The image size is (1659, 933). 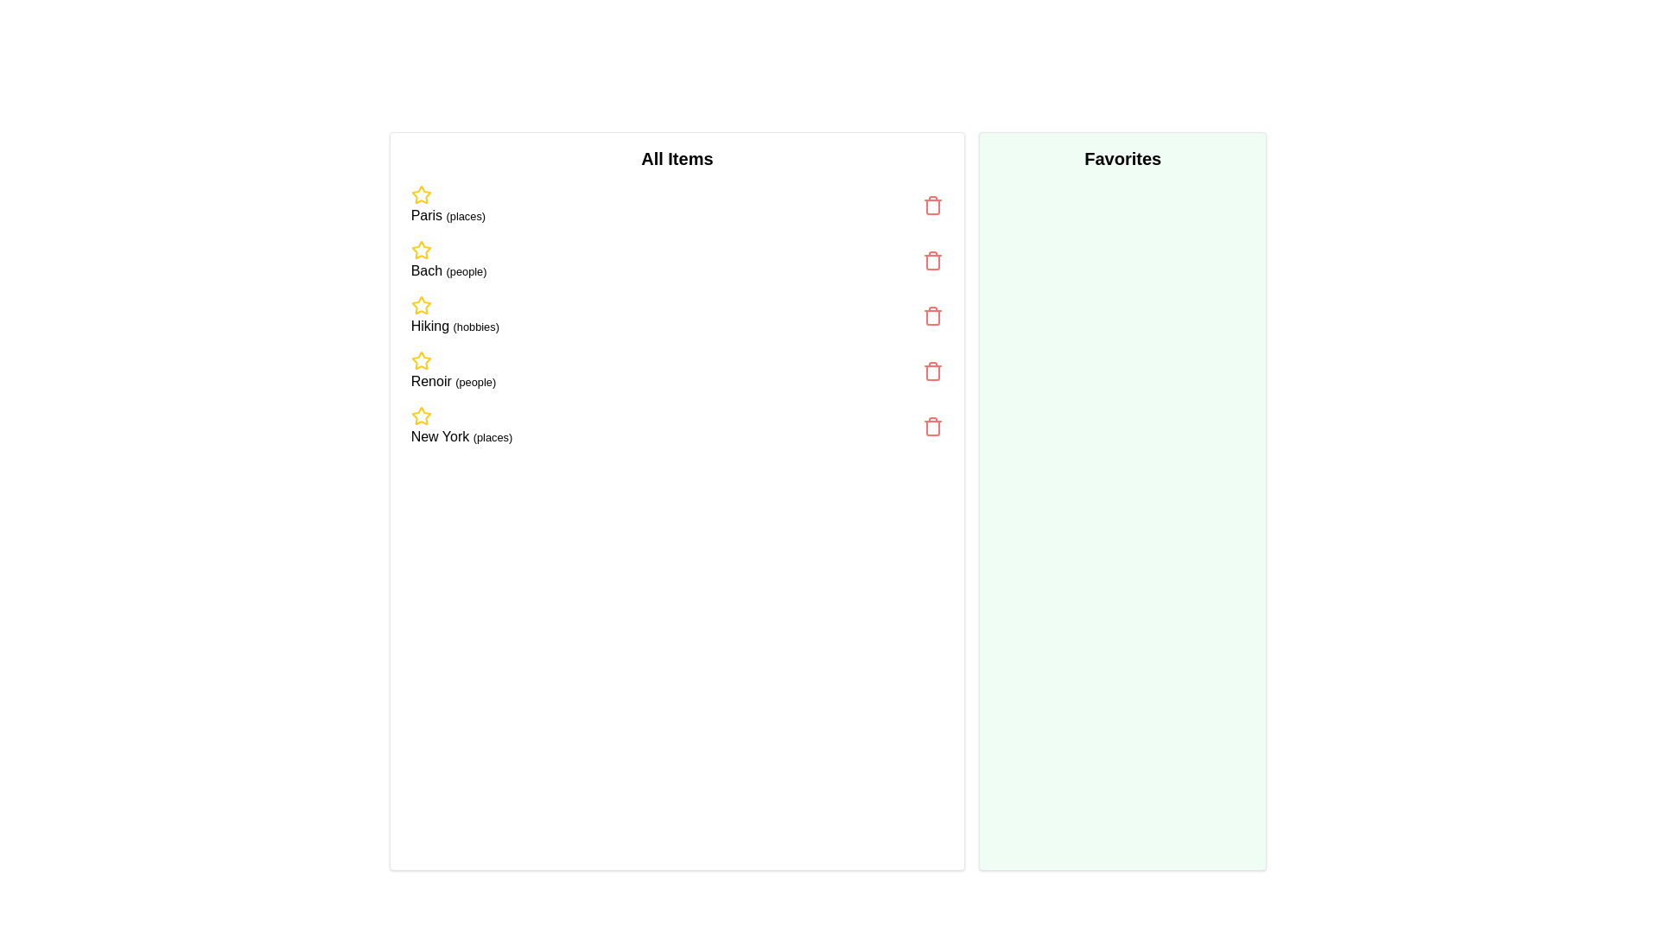 What do you see at coordinates (932, 260) in the screenshot?
I see `the trash icon next to the item labeled 'Bach (people)' to remove it from the list` at bounding box center [932, 260].